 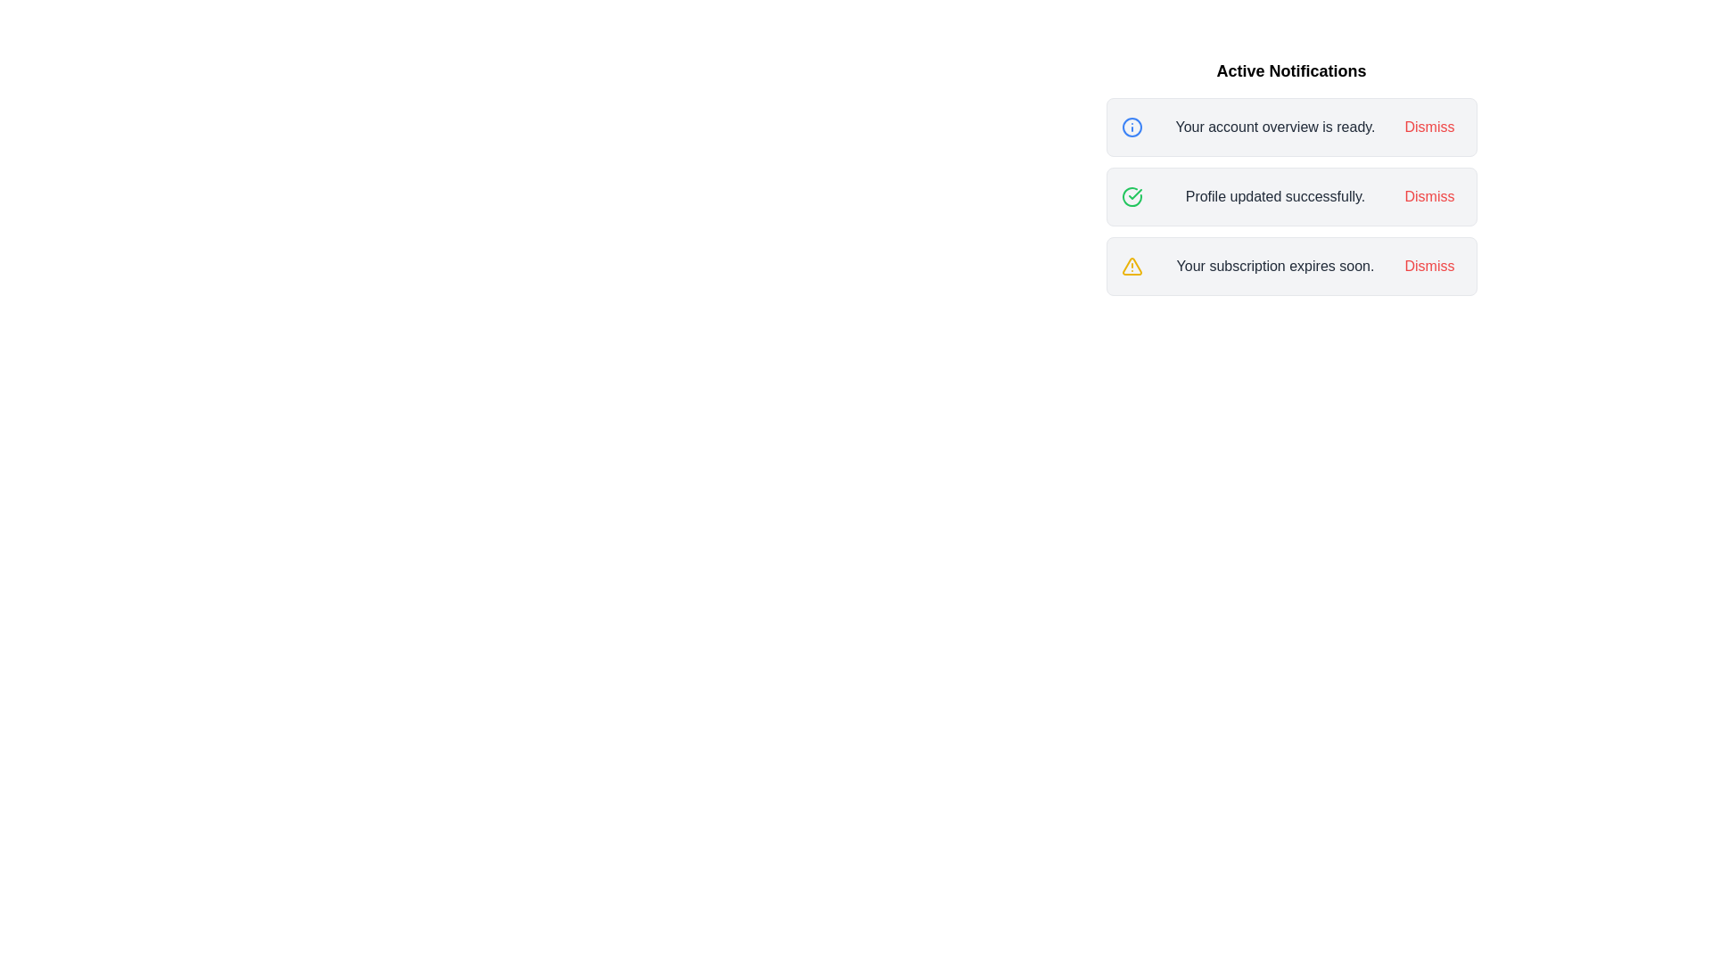 I want to click on 'Dismiss' button for the notification 'Profile updated successfully.', so click(x=1429, y=196).